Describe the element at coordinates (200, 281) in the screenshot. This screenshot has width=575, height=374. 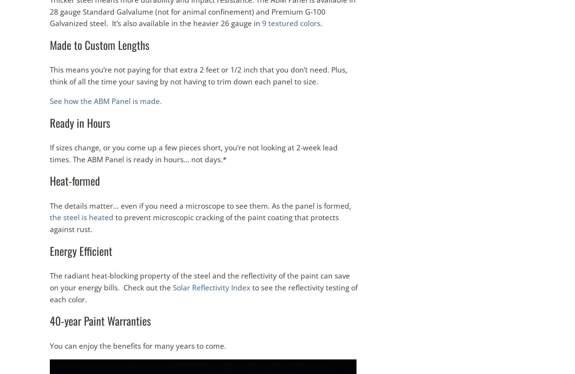
I see `'The radiant heat-blocking property of the steel and the reflectivity of the paint can save on your energy bills.  Check out the'` at that location.